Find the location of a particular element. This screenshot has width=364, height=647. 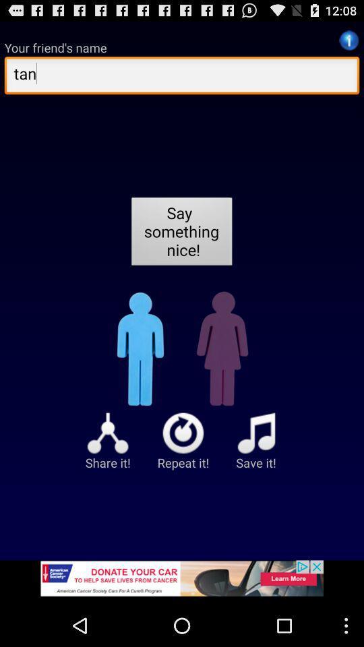

the info icon is located at coordinates (348, 43).